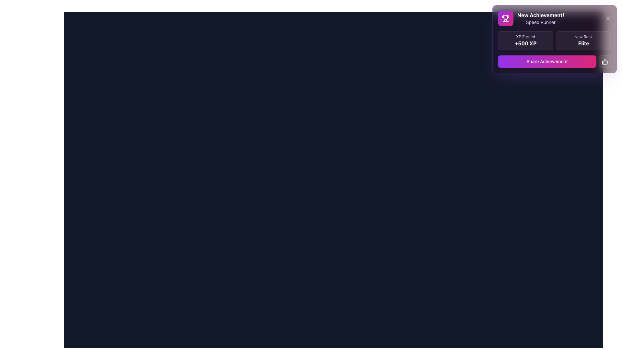  I want to click on contents of the Informative display component located in the achievement notification box, positioned below 'New Achievement! Speed Runner' and above the 'Share Achievement' button, so click(554, 41).